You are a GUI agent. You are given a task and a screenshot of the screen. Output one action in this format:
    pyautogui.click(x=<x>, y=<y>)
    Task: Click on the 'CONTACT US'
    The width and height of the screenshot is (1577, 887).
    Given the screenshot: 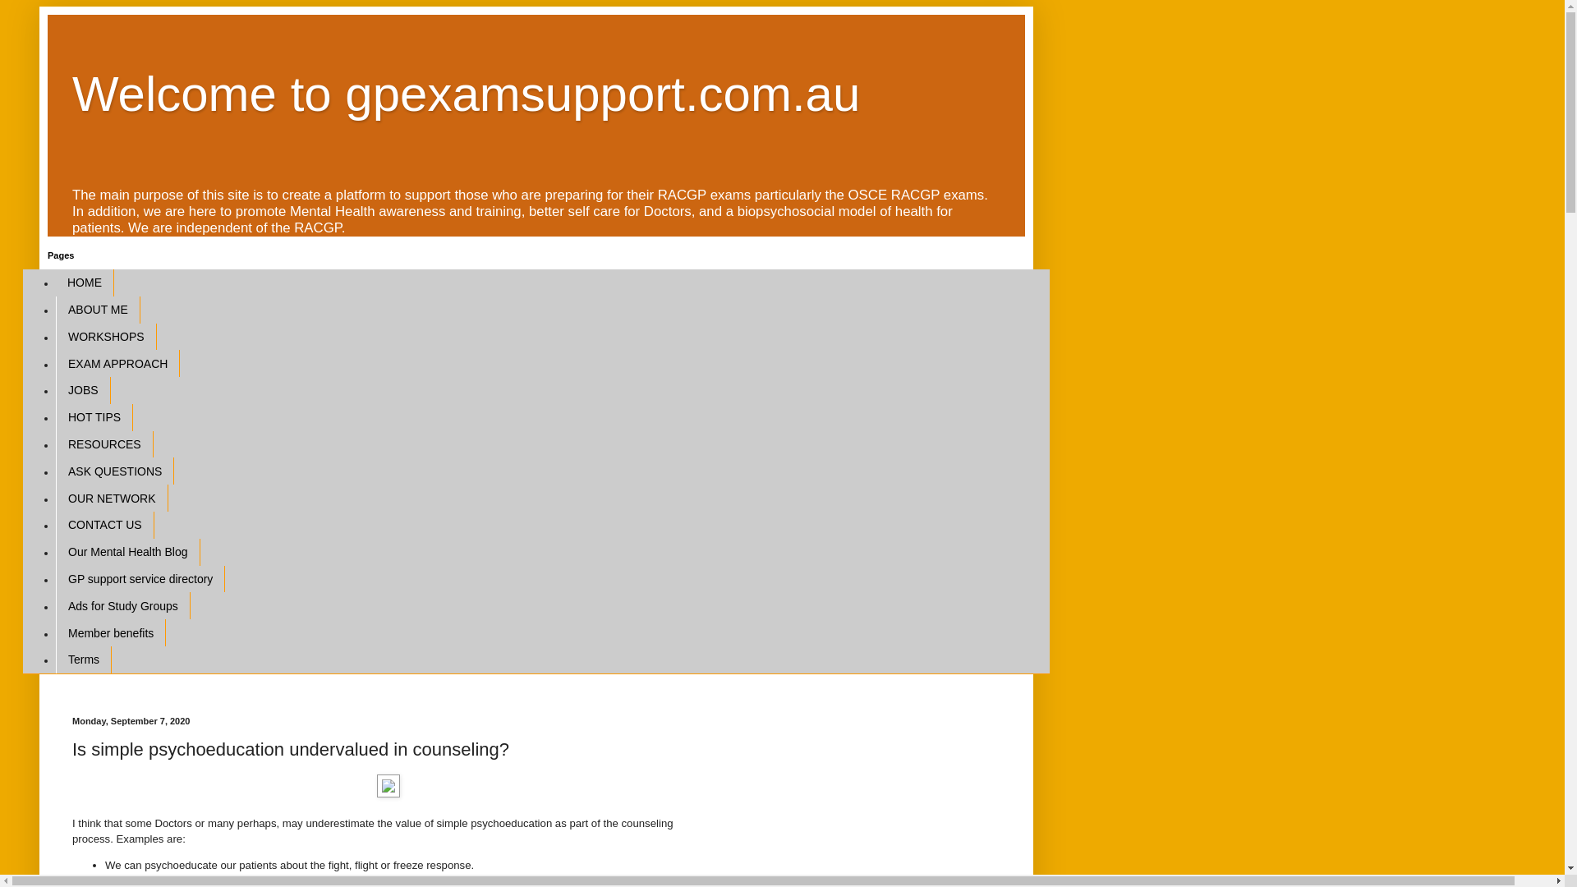 What is the action you would take?
    pyautogui.click(x=104, y=525)
    